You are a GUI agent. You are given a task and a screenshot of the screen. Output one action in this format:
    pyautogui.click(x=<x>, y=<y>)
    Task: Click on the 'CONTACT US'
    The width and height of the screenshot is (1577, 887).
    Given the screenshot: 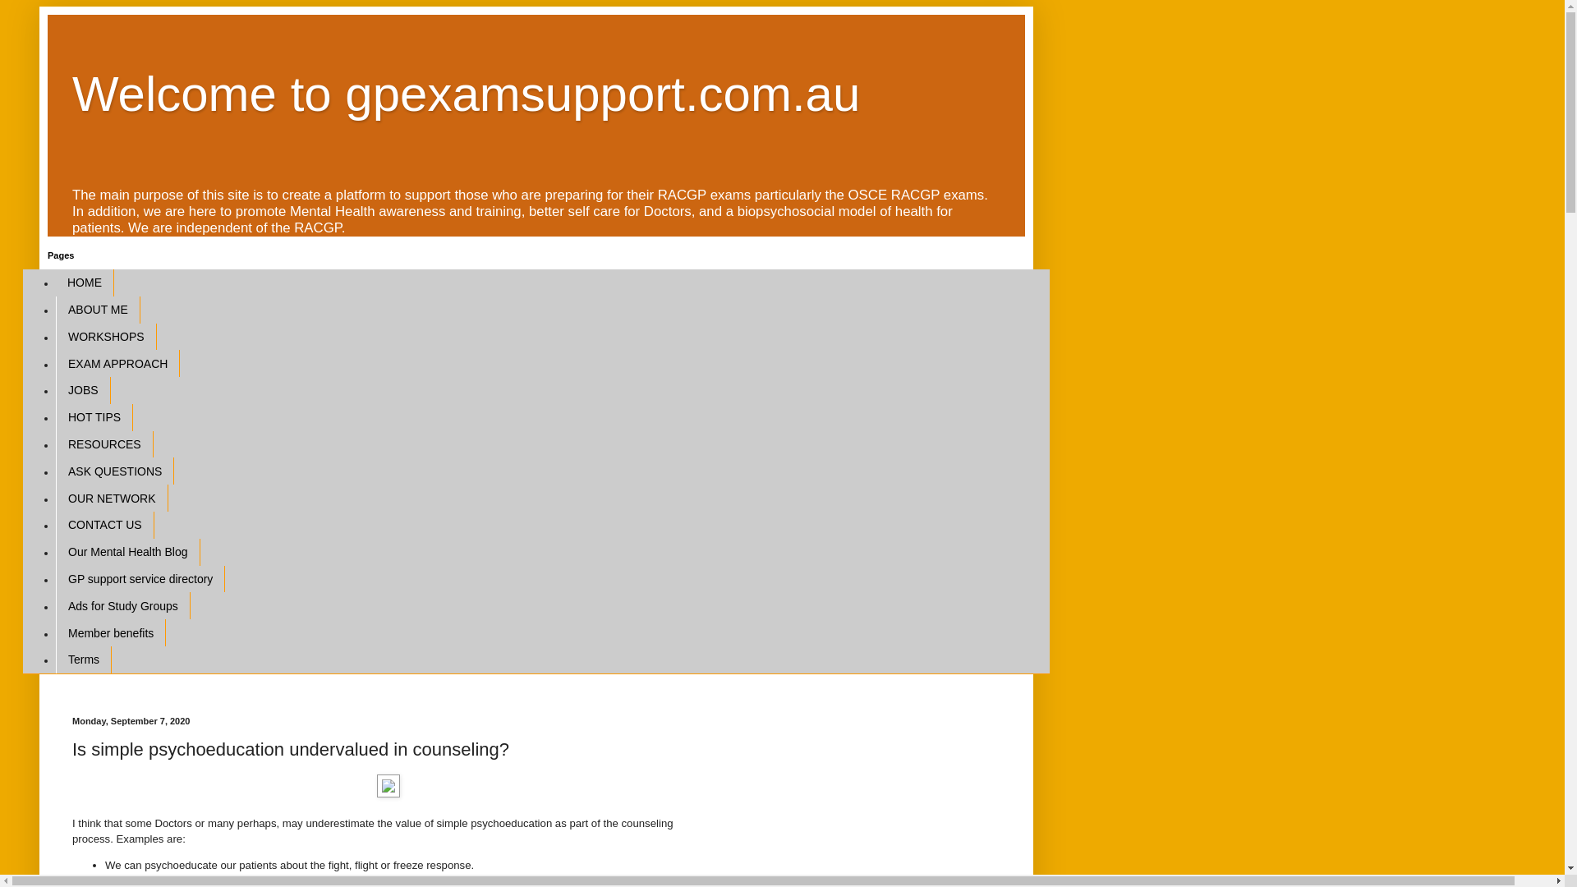 What is the action you would take?
    pyautogui.click(x=104, y=525)
    